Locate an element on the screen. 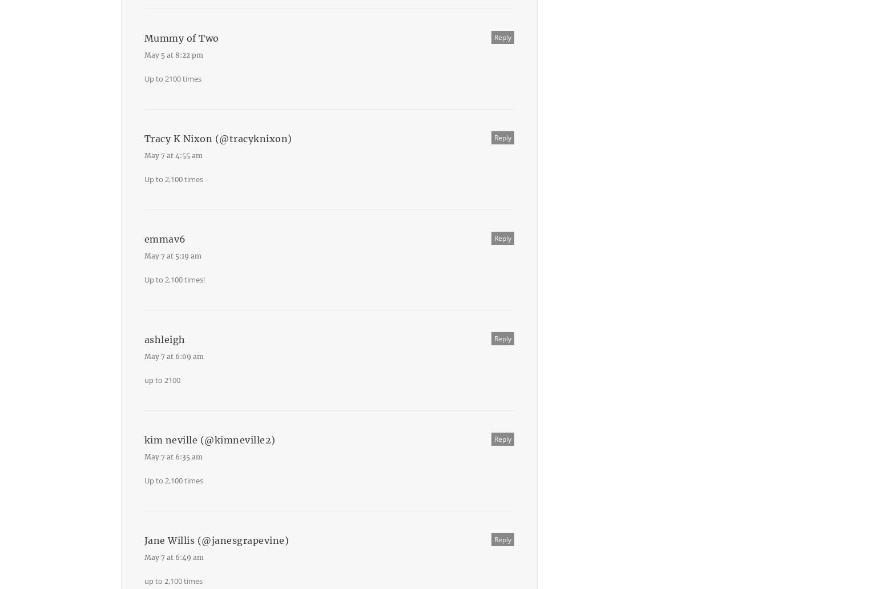  'May 7 at 6:35 am' is located at coordinates (173, 457).